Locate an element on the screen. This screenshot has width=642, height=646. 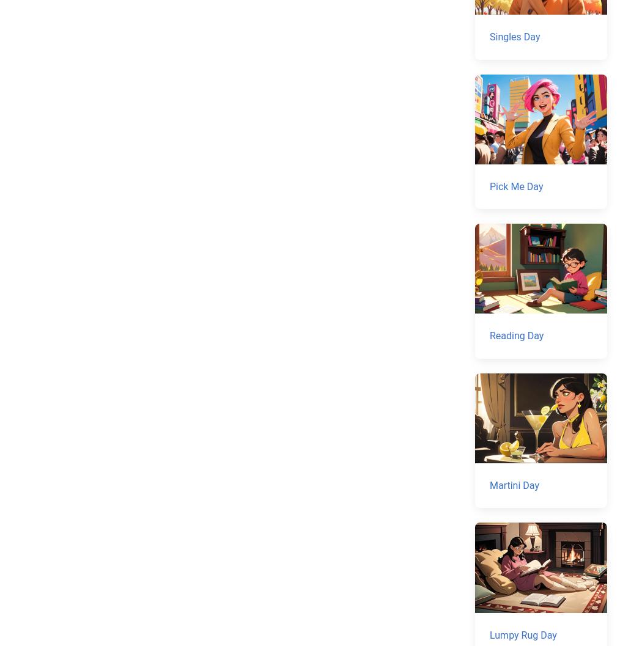
'Stay informed with our newsletter with current and upcoming day facts!' is located at coordinates (174, 426).